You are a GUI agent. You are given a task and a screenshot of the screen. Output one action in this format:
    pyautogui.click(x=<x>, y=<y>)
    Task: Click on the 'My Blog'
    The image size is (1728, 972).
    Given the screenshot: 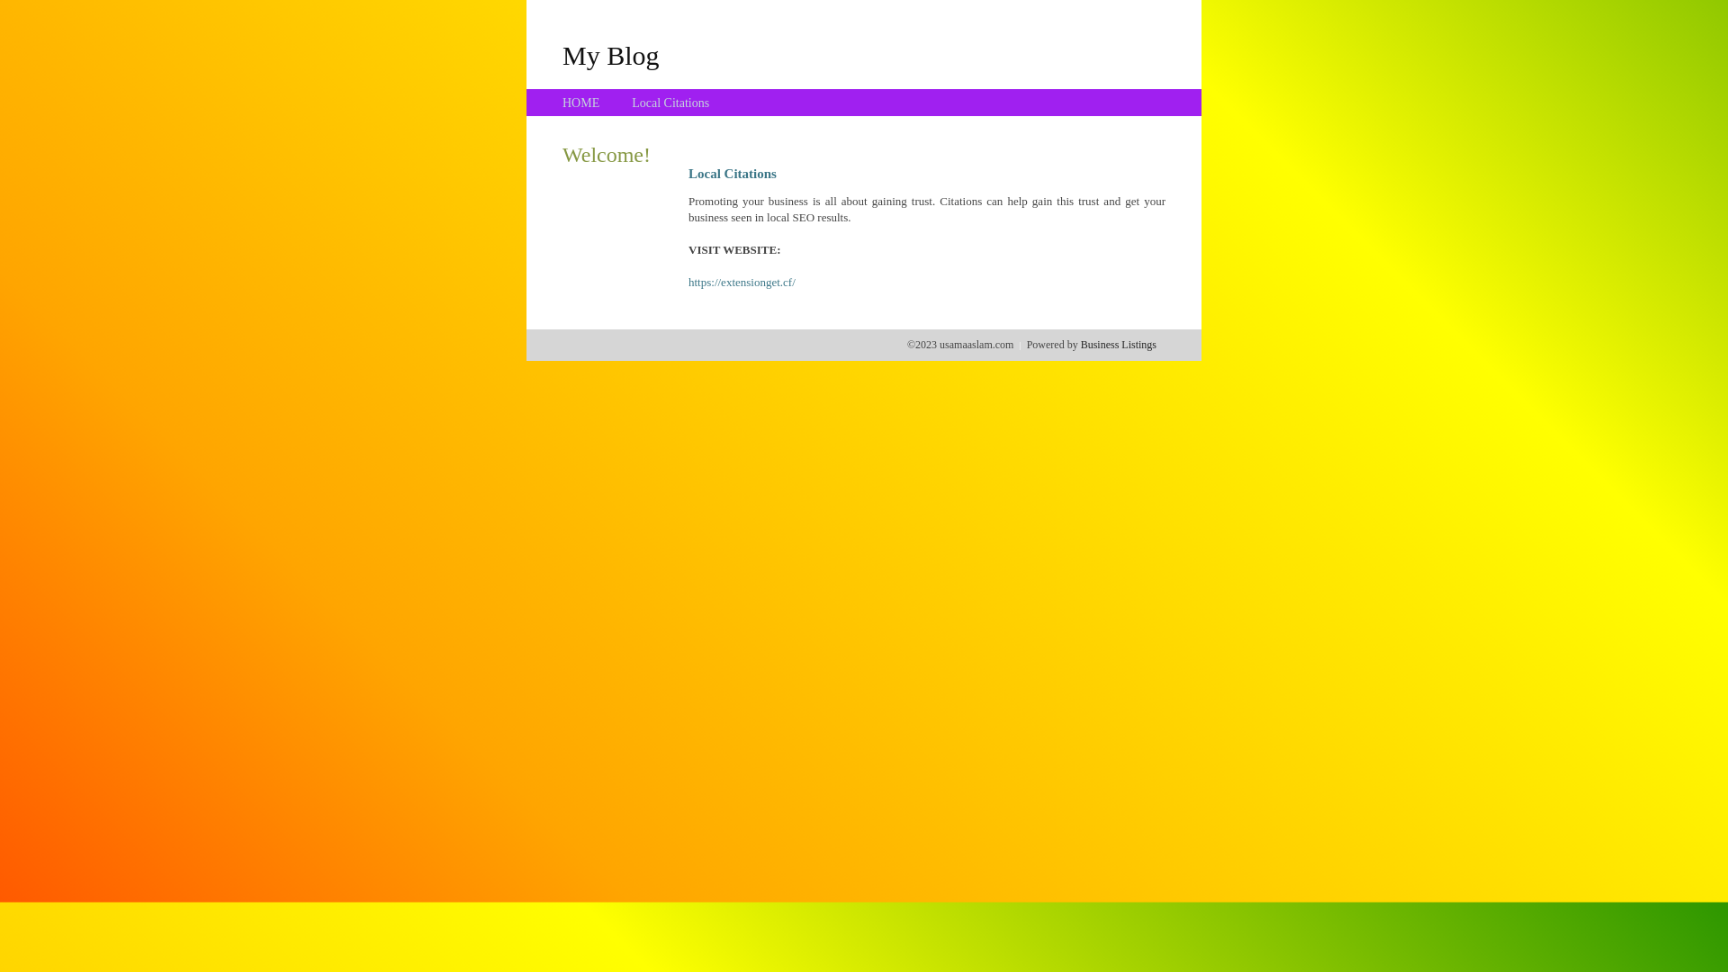 What is the action you would take?
    pyautogui.click(x=561, y=54)
    